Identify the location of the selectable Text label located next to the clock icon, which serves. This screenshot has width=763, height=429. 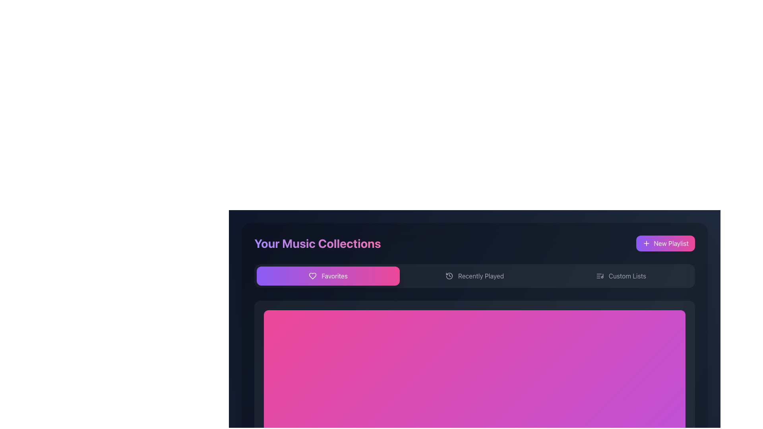
(480, 275).